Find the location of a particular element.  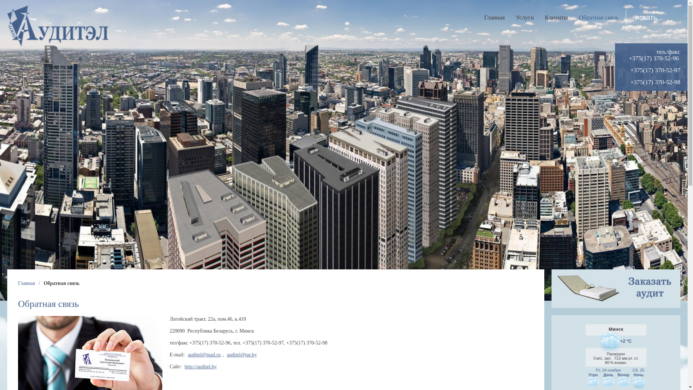

'auditel@tut.by' is located at coordinates (242, 354).